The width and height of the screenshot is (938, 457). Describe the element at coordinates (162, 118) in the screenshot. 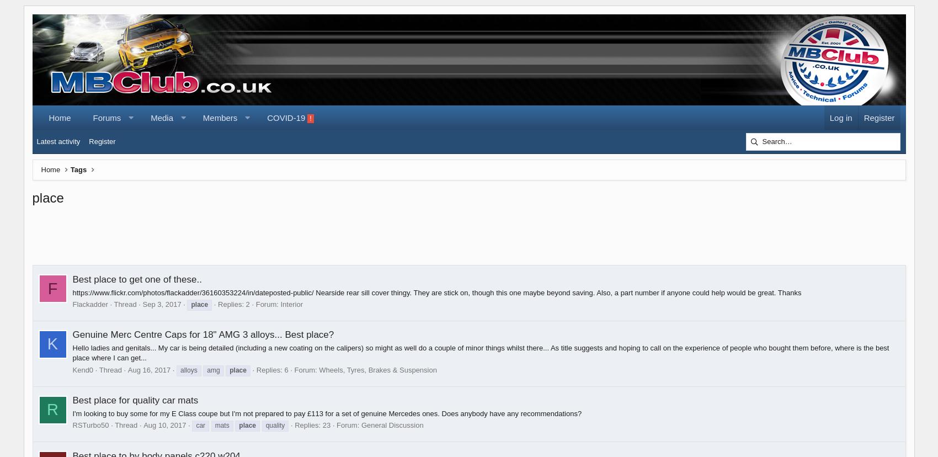

I see `'Media'` at that location.